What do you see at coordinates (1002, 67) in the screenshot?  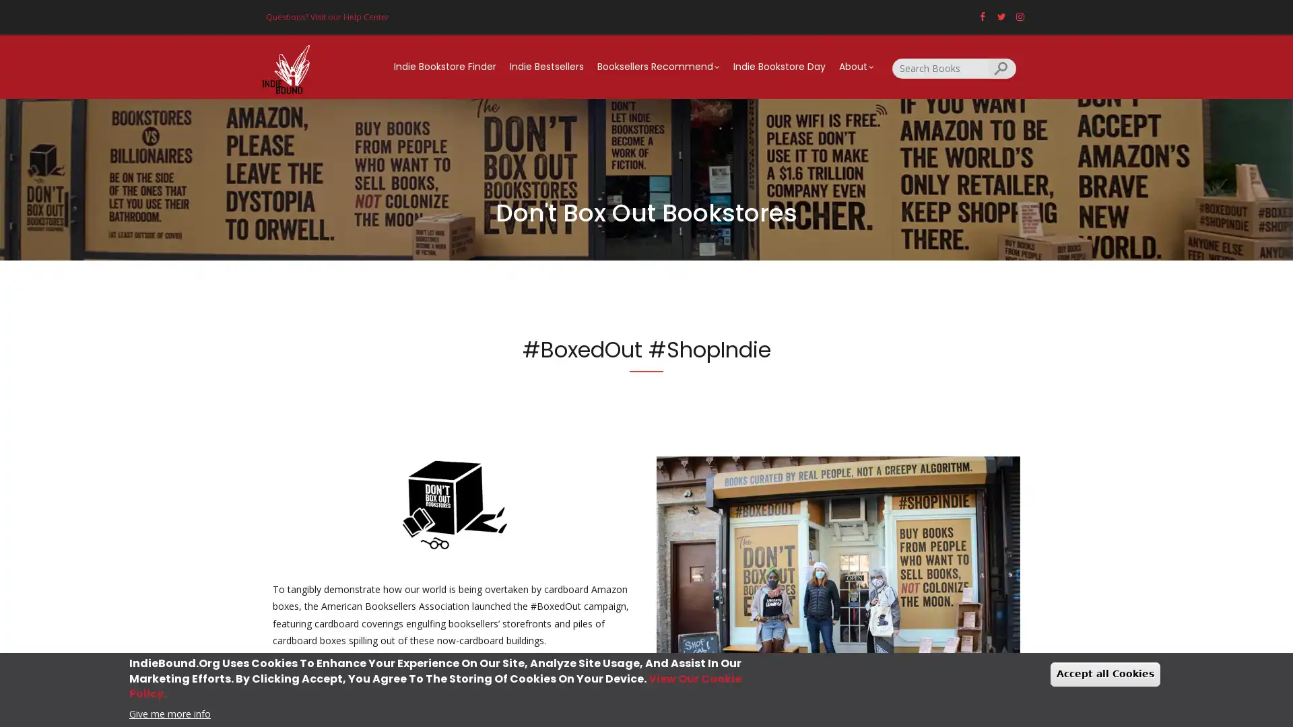 I see `Search` at bounding box center [1002, 67].